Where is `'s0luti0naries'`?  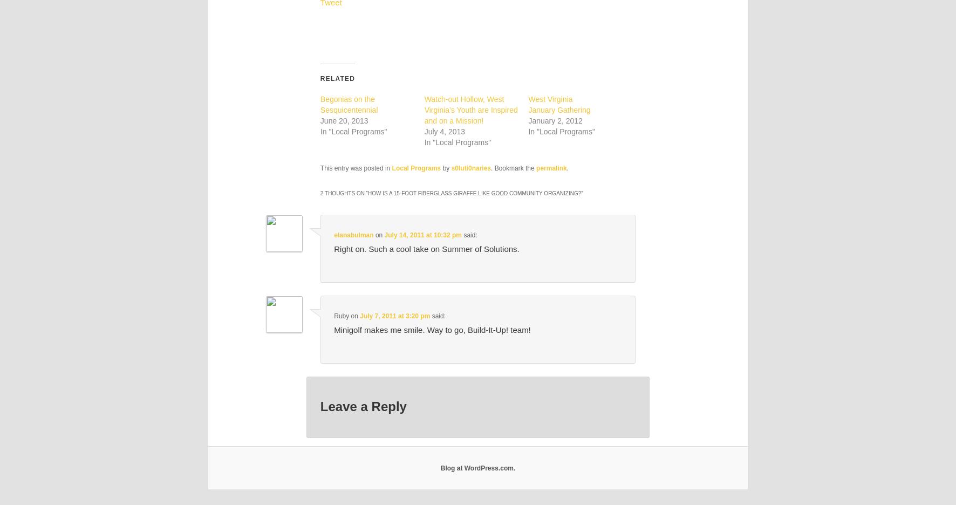 's0luti0naries' is located at coordinates (451, 168).